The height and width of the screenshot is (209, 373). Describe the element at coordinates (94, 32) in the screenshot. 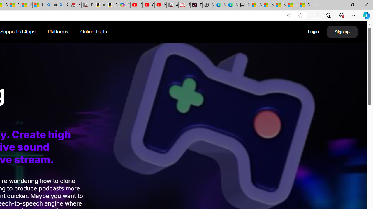

I see `'Online Tools'` at that location.